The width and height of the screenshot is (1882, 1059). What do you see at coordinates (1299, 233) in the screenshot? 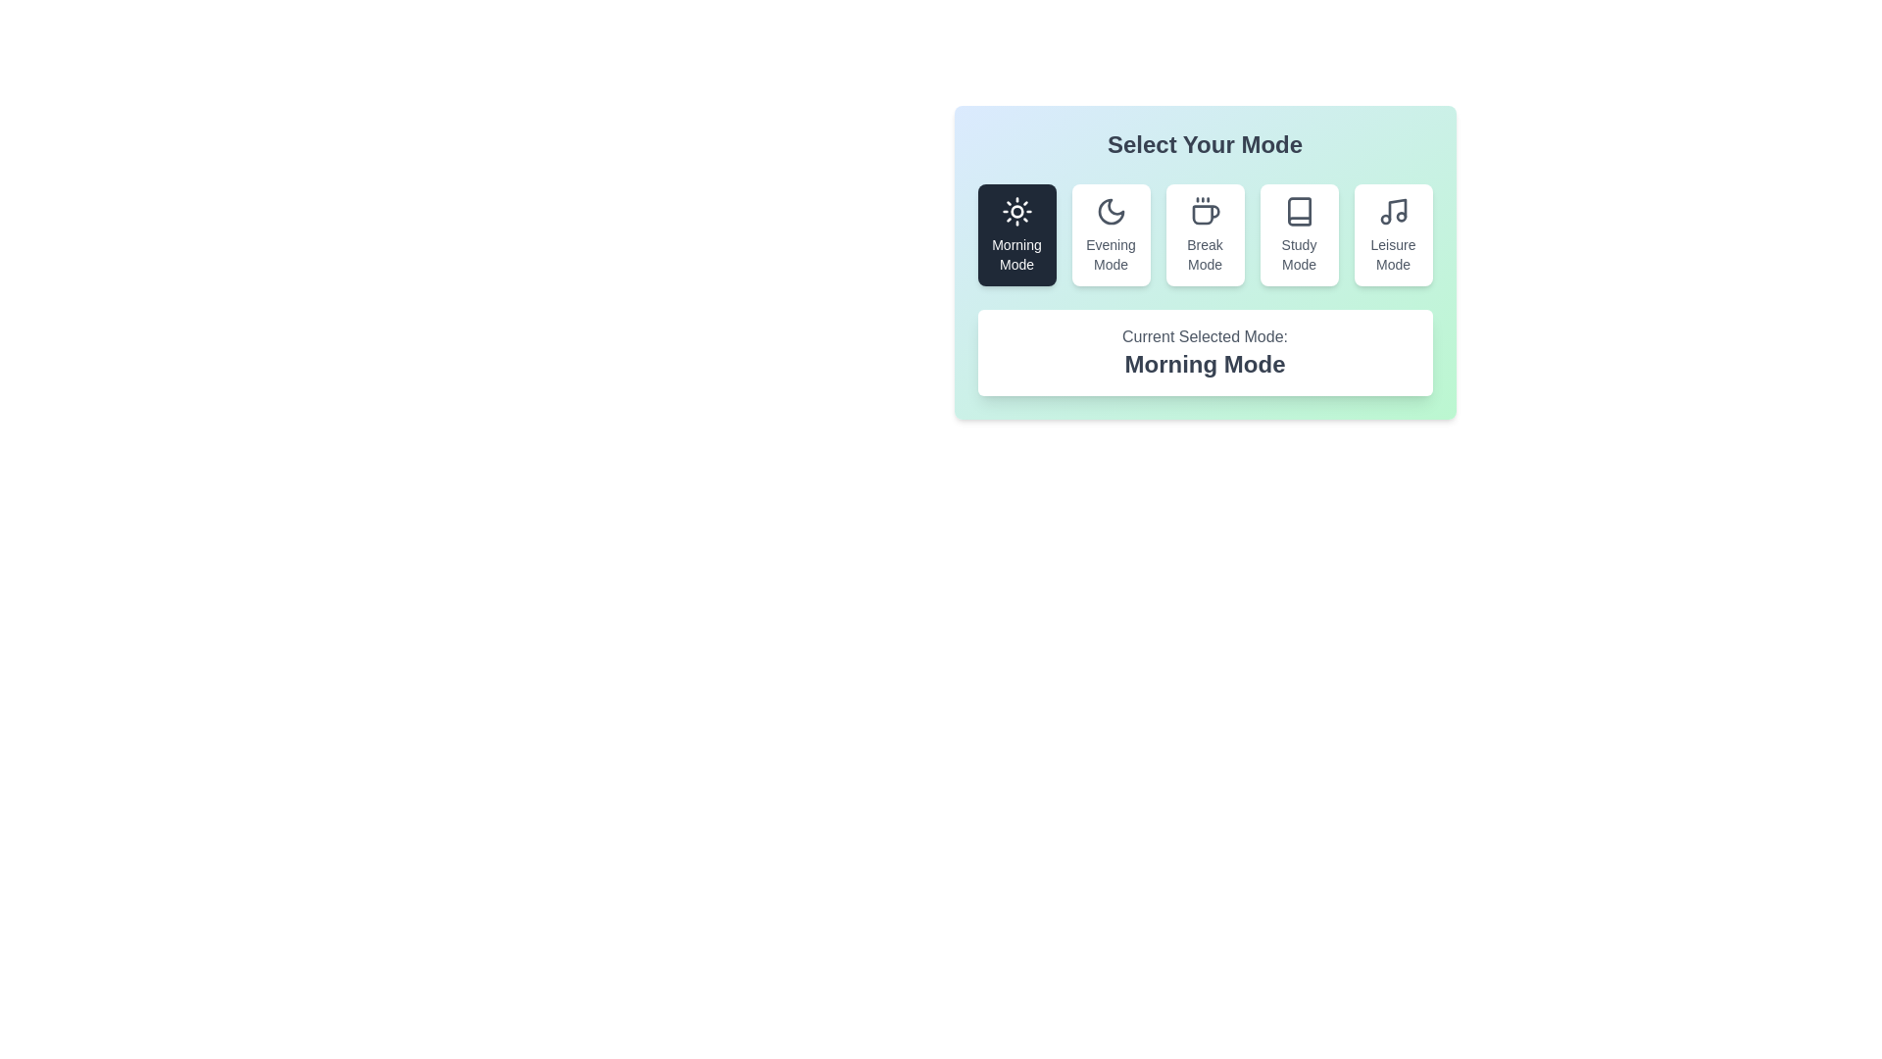
I see `the button corresponding to the mode Study Mode` at bounding box center [1299, 233].